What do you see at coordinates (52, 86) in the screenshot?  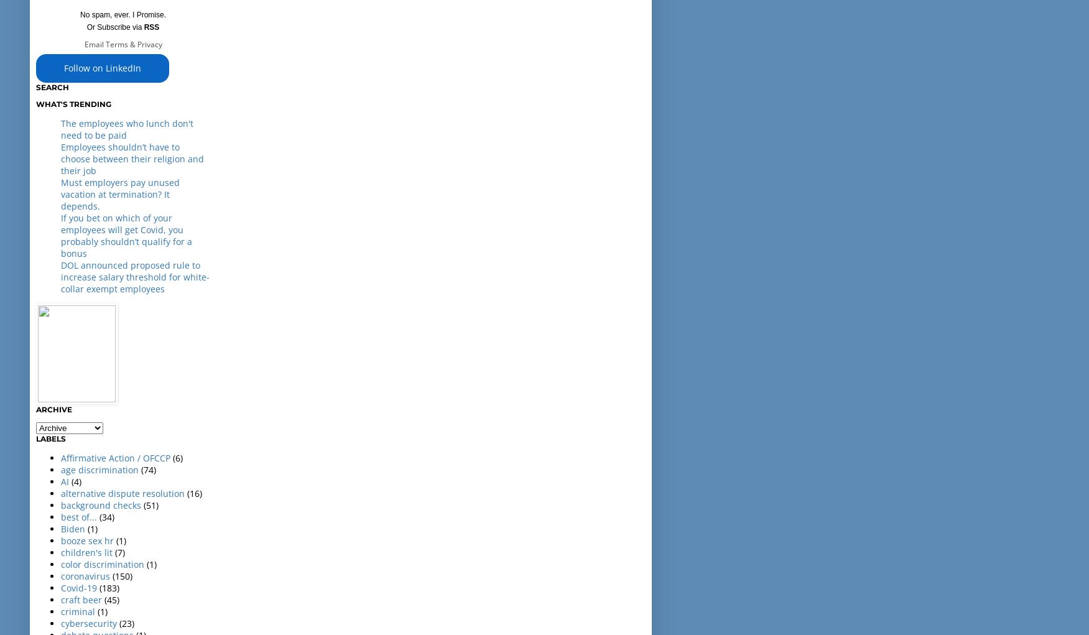 I see `'Search'` at bounding box center [52, 86].